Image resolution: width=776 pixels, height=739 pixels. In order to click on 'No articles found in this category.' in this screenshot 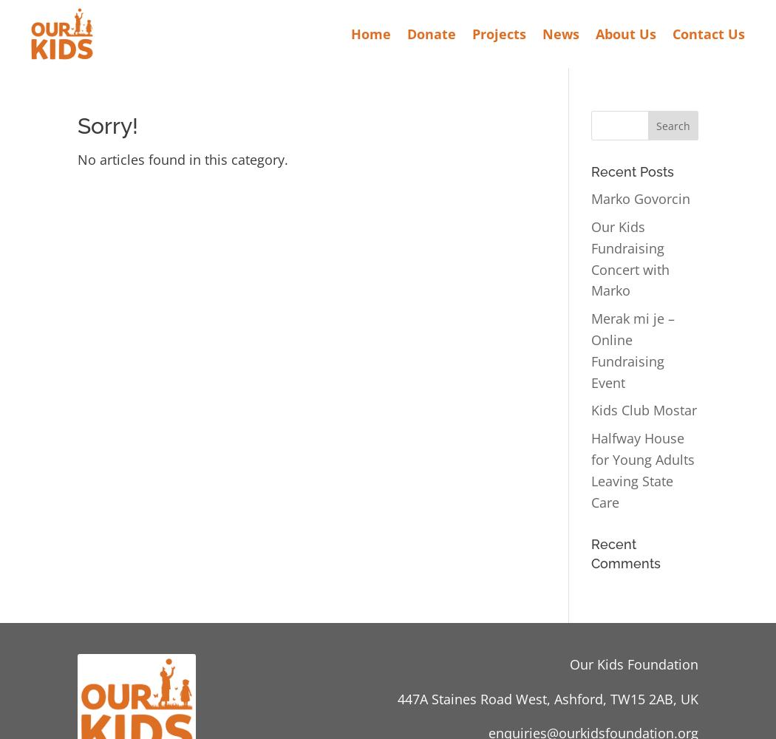, I will do `click(183, 159)`.